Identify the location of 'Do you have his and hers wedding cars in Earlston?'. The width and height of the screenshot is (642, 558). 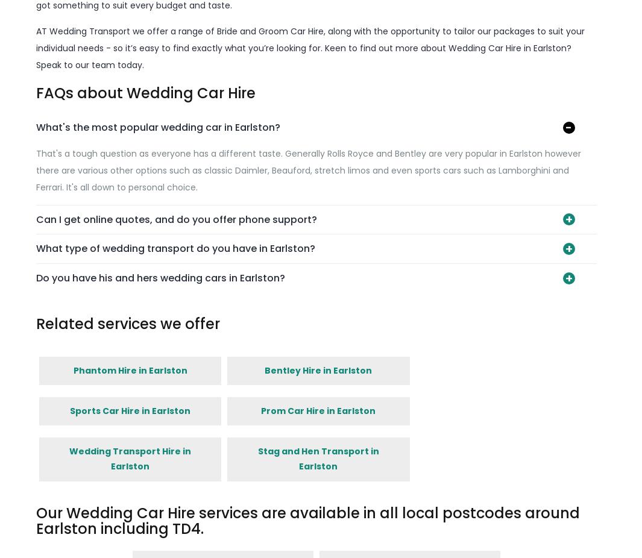
(35, 277).